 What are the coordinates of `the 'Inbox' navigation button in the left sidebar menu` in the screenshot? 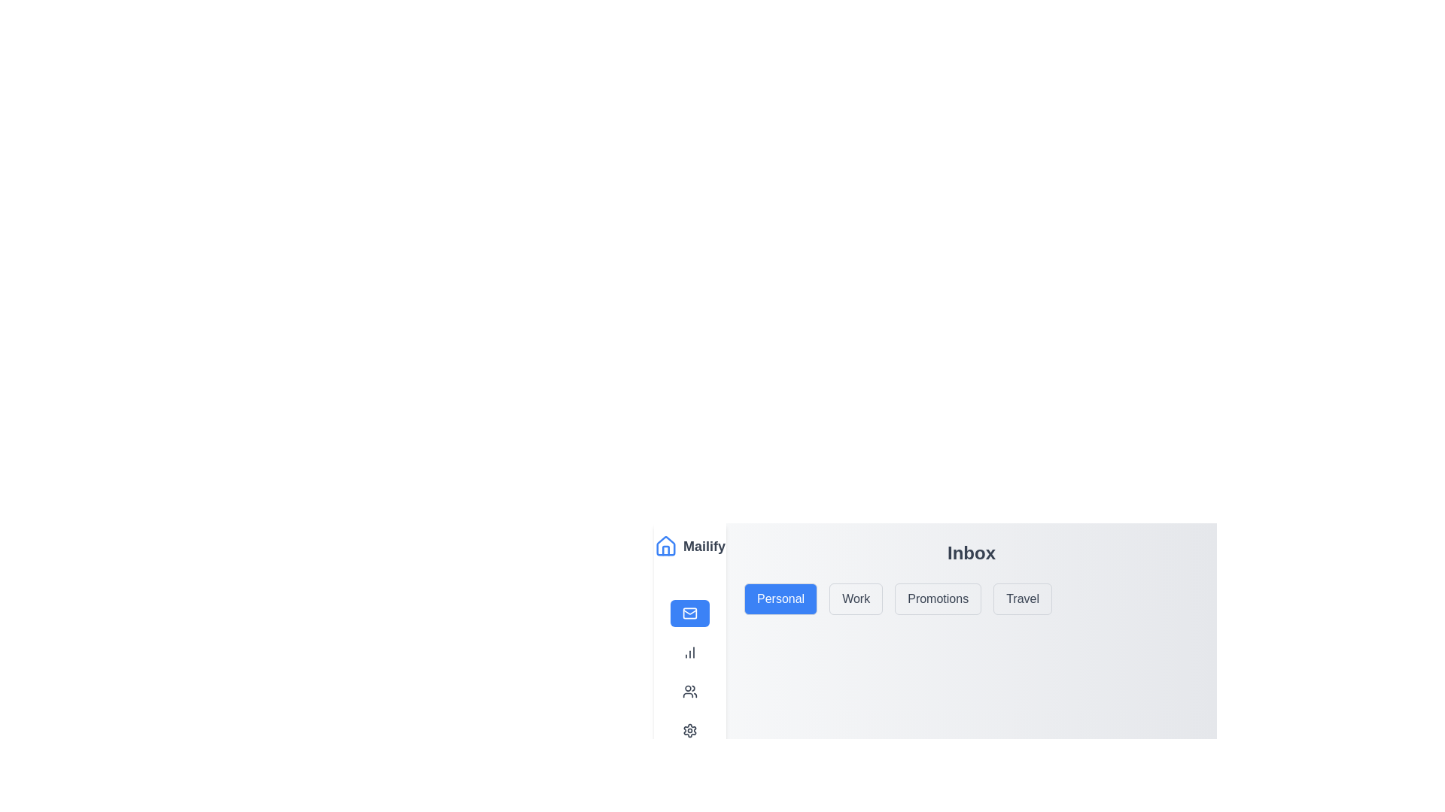 It's located at (689, 614).